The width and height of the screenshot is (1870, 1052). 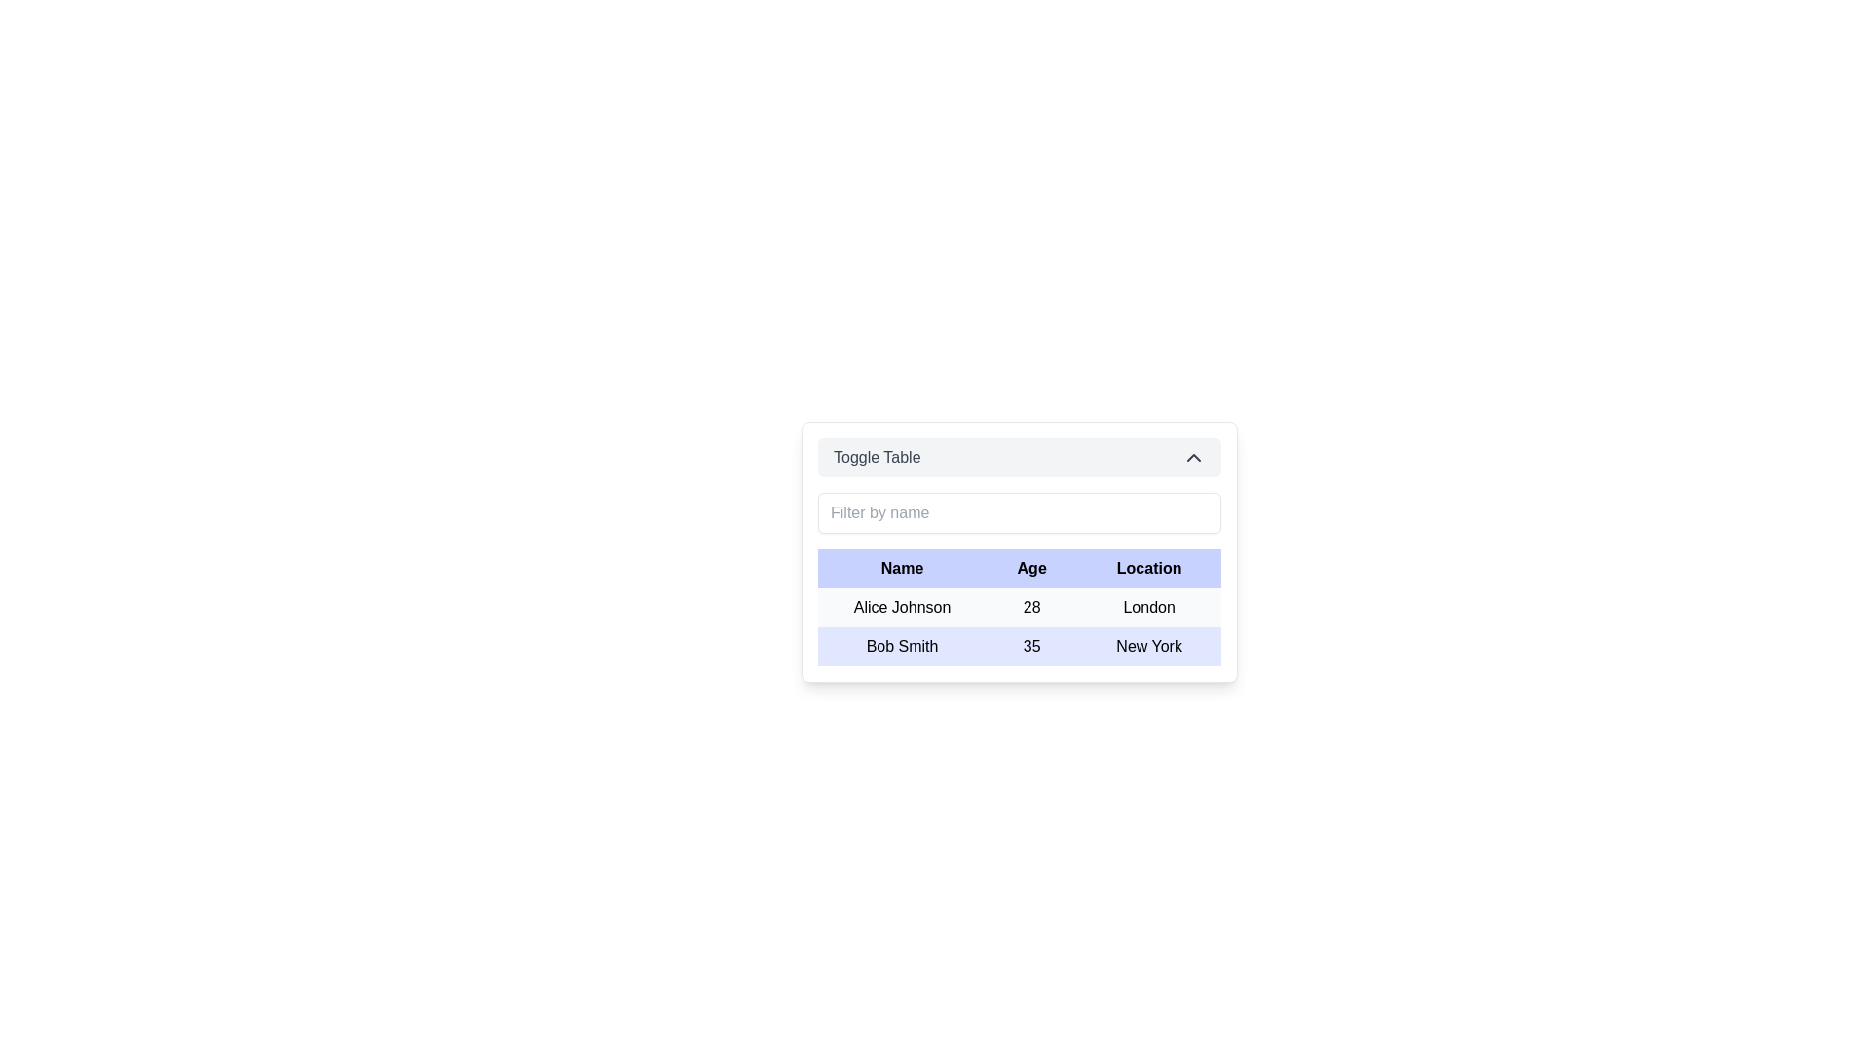 What do you see at coordinates (901, 607) in the screenshot?
I see `the text label displaying 'Alice Johnson' in black font, located in the first column of the data table under the 'Name' header` at bounding box center [901, 607].